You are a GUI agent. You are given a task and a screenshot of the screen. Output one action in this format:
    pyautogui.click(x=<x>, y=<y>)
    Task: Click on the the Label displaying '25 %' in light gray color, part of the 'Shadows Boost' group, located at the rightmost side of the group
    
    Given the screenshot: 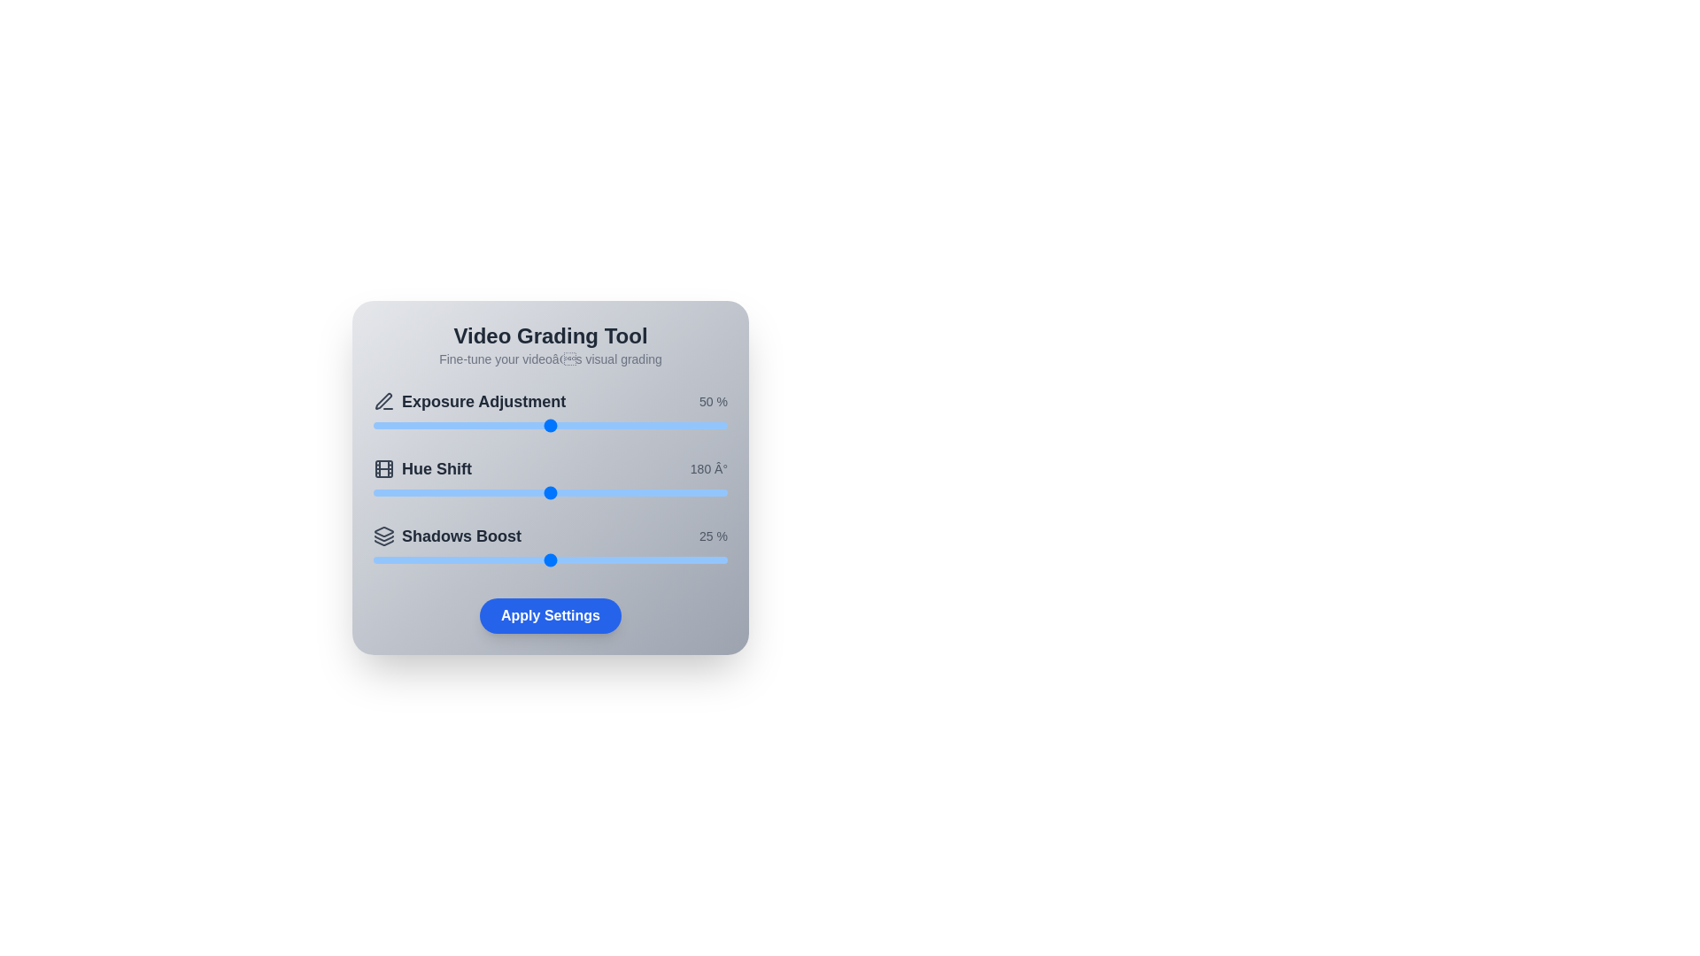 What is the action you would take?
    pyautogui.click(x=714, y=535)
    